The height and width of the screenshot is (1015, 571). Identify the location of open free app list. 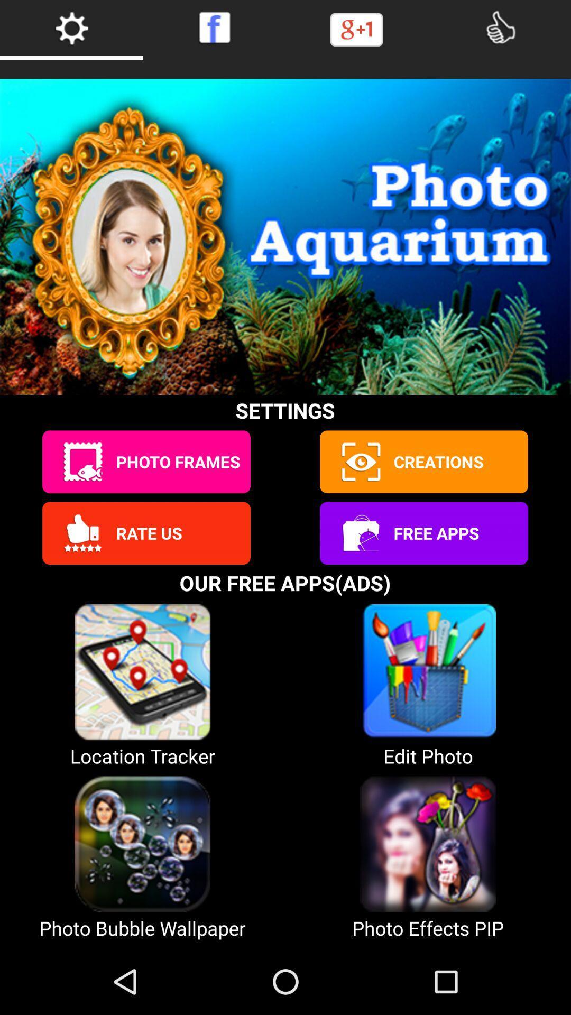
(360, 533).